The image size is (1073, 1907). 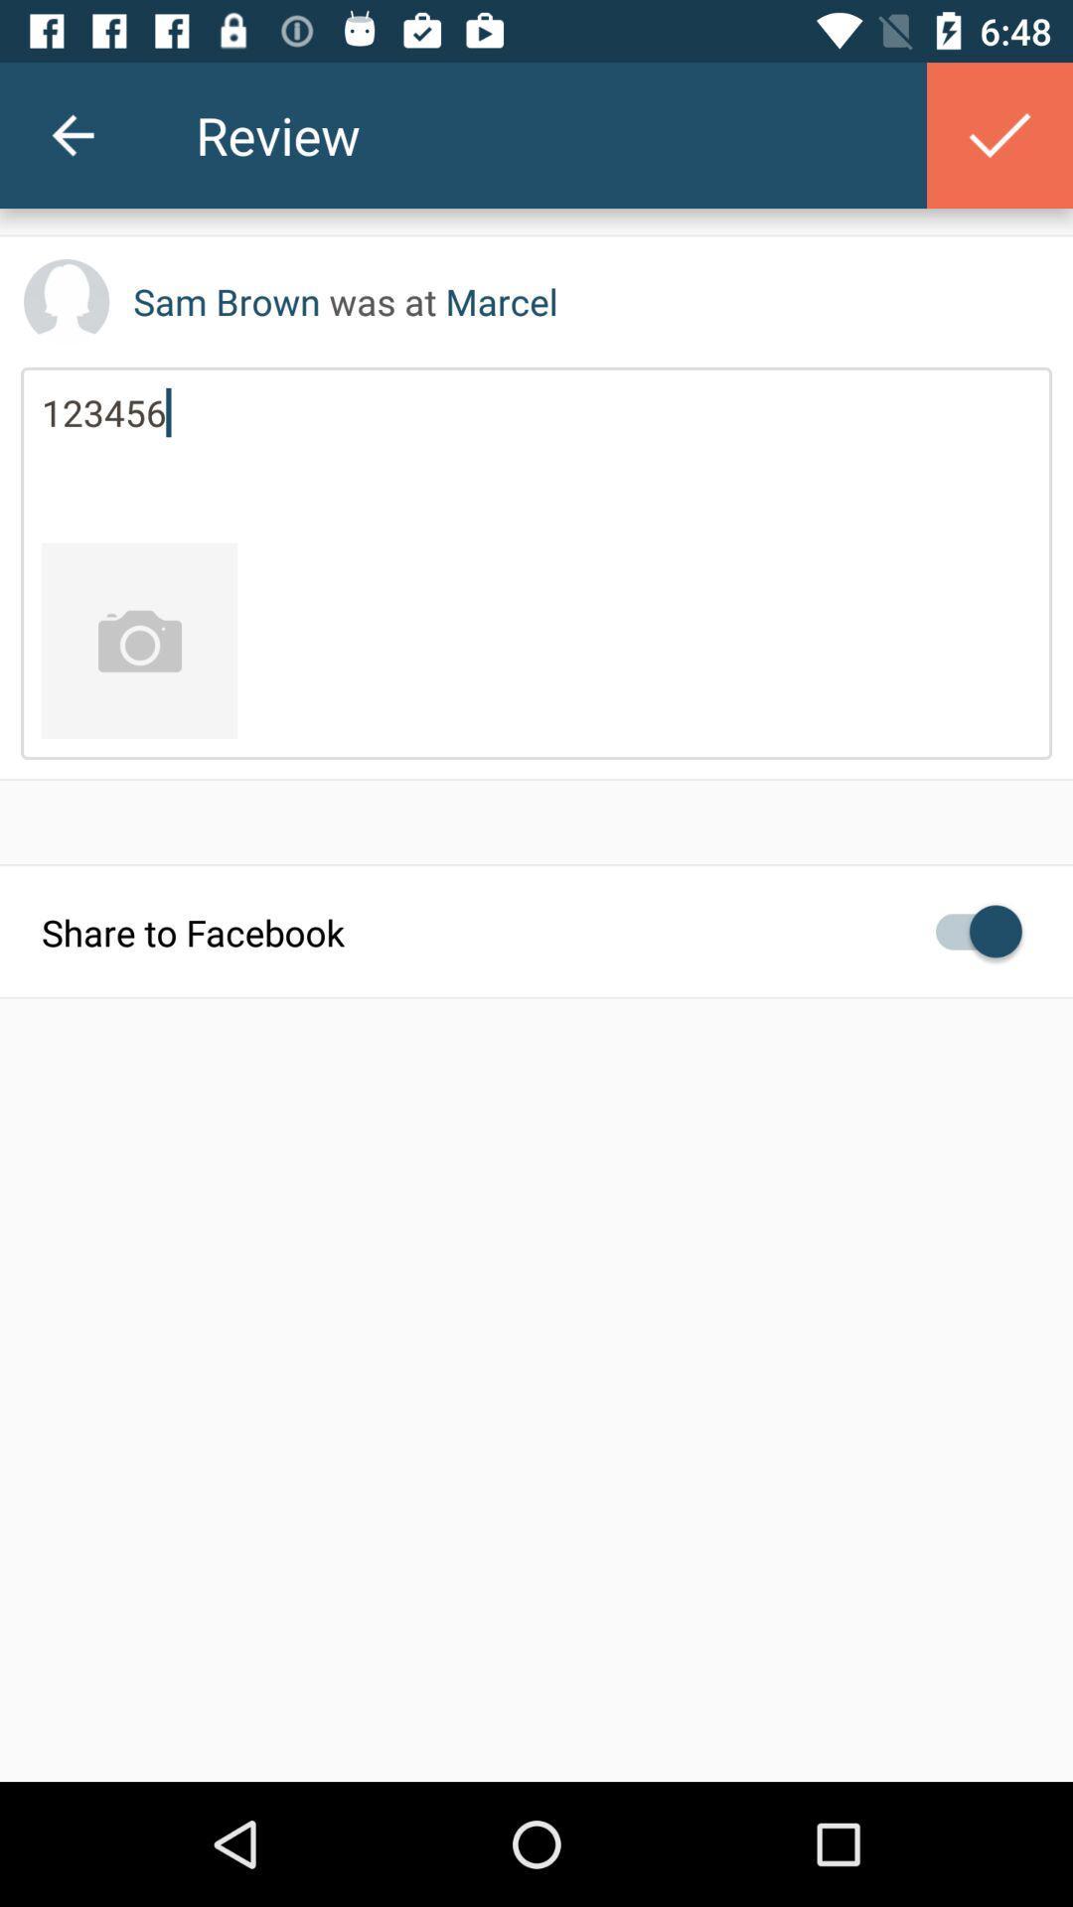 What do you see at coordinates (999, 134) in the screenshot?
I see `the item to the right of review item` at bounding box center [999, 134].